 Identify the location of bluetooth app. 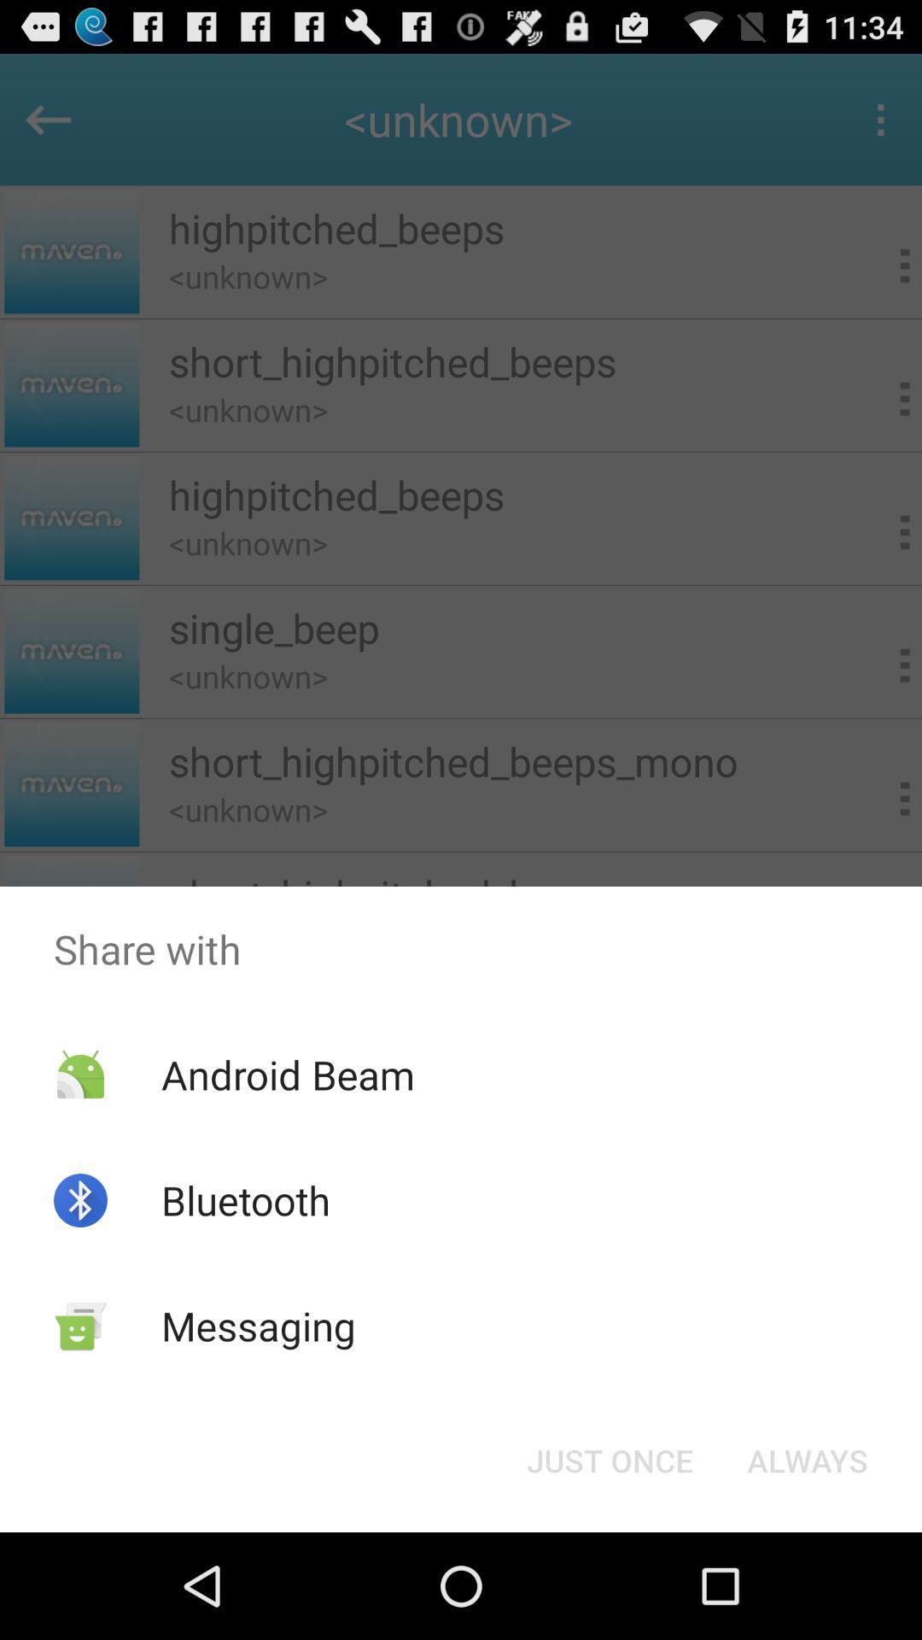
(246, 1199).